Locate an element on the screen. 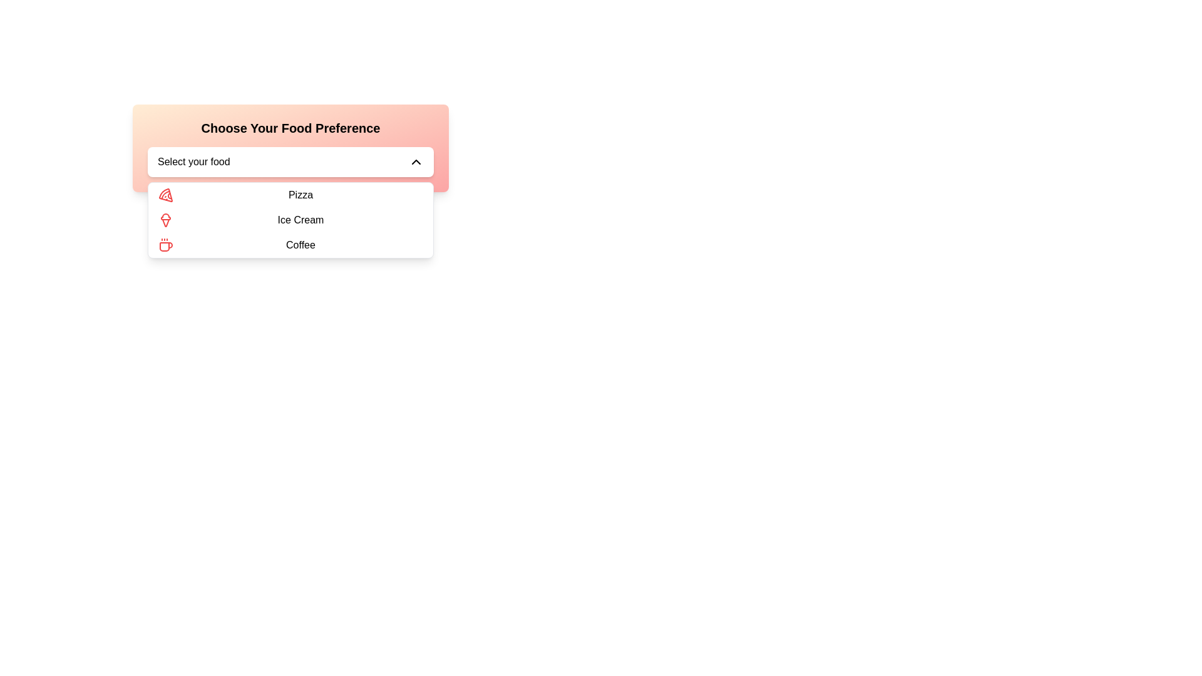 Image resolution: width=1202 pixels, height=676 pixels. the static text label that serves as a placeholder for the dropdown menu, indicating the current selection is located at coordinates (193, 161).